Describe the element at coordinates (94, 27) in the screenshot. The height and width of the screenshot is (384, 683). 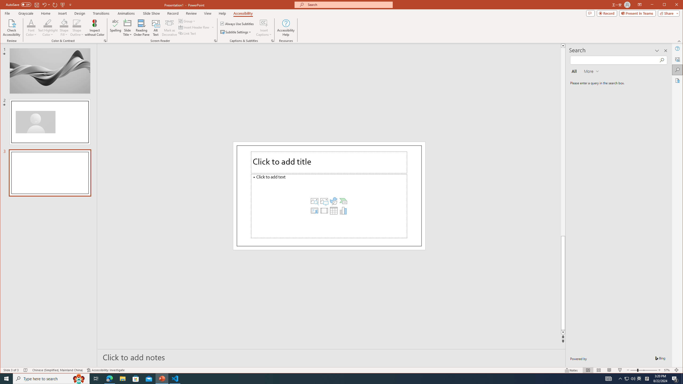
I see `'Inspect without Color'` at that location.